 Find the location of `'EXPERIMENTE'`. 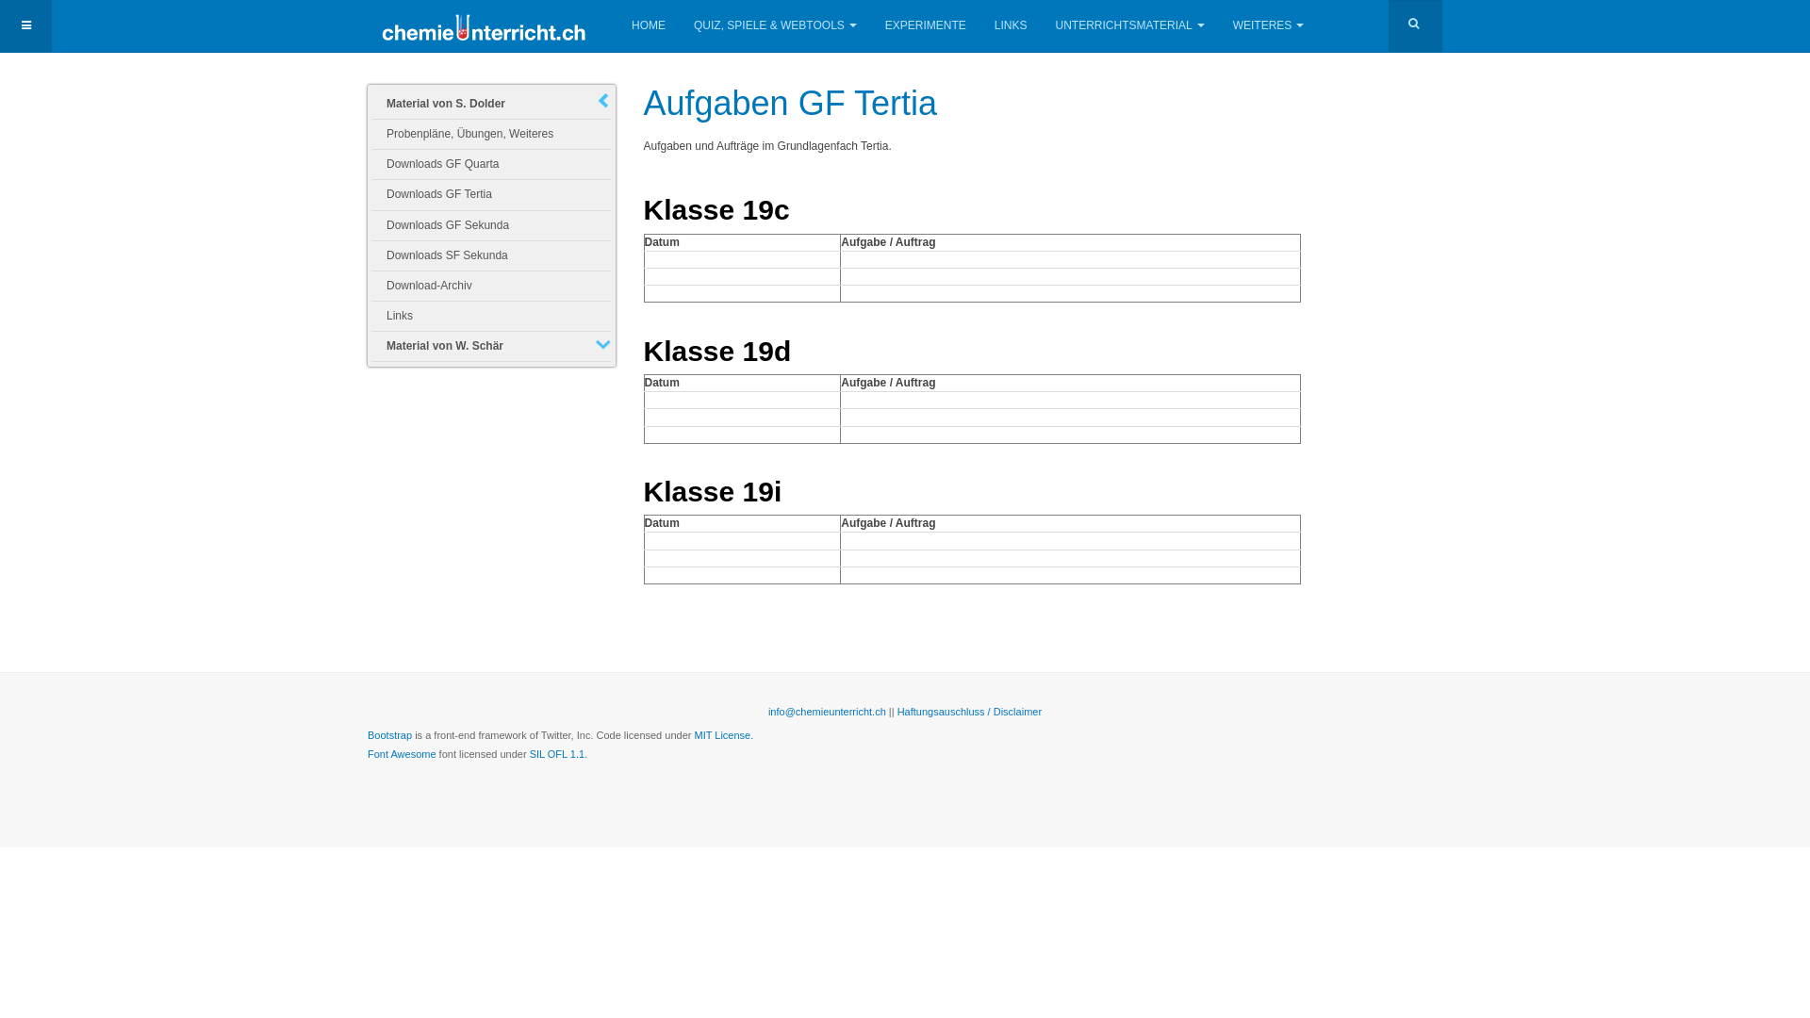

'EXPERIMENTE' is located at coordinates (926, 25).